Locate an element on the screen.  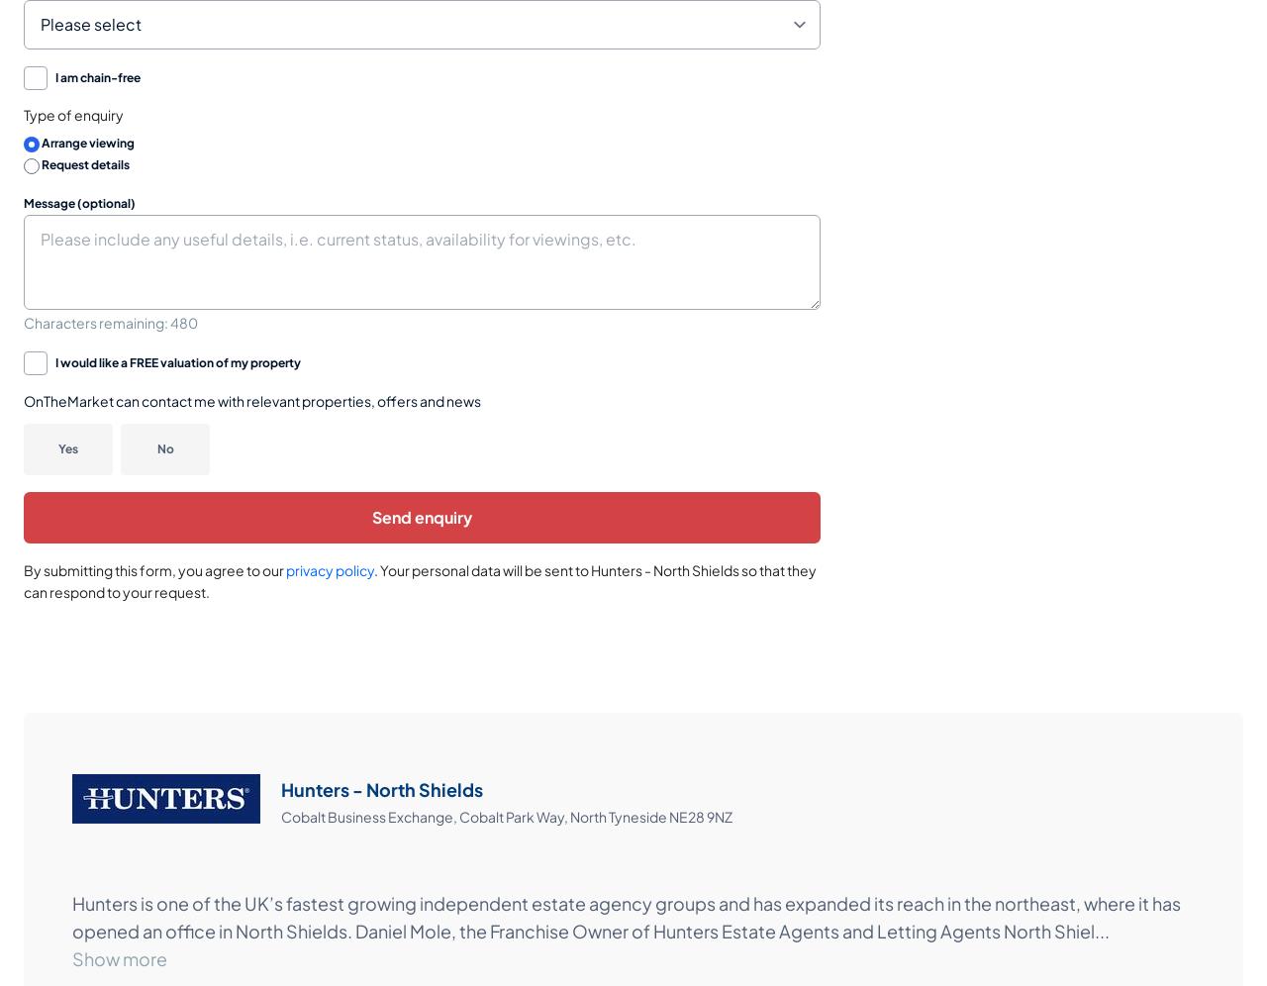
'opened an office in North Shields. Daniel Mole, the Franchise Owner of Hunters Estate Agents and Letting Agents North Shiel' is located at coordinates (582, 931).